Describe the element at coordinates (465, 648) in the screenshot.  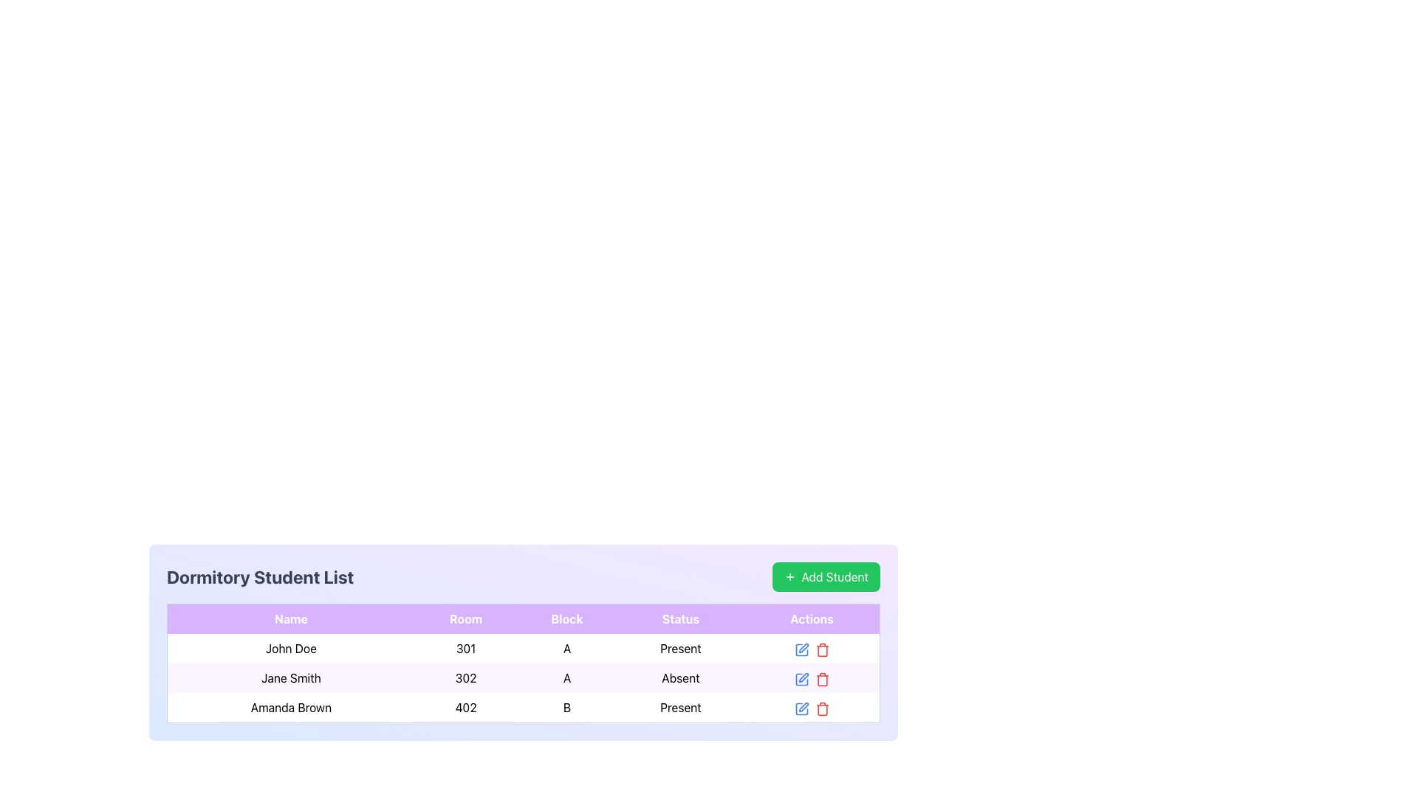
I see `the Text Label indicating the room number for the student 'John Doe' in the second column of the first row of the table` at that location.